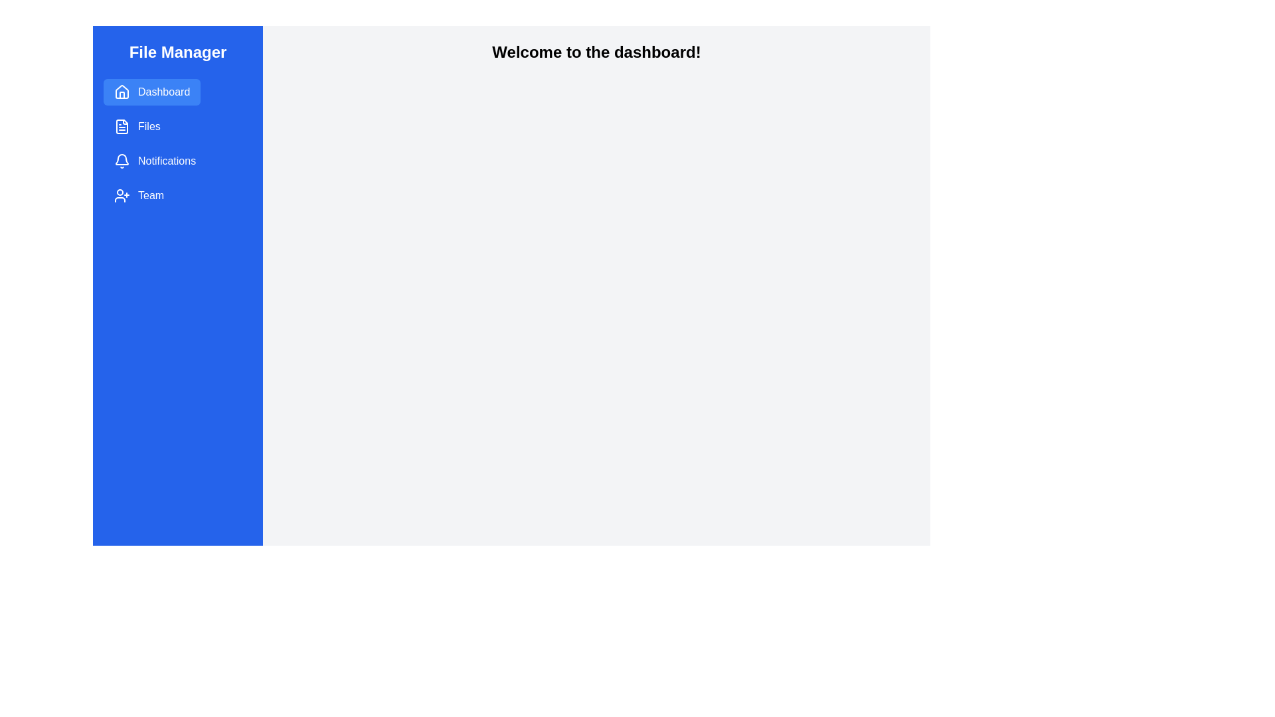 Image resolution: width=1275 pixels, height=717 pixels. Describe the element at coordinates (152, 91) in the screenshot. I see `the 'Dashboard' button, which is a rectangular button with a blue background and white text, located at the top of the vertical navigation menu in the sidebar` at that location.